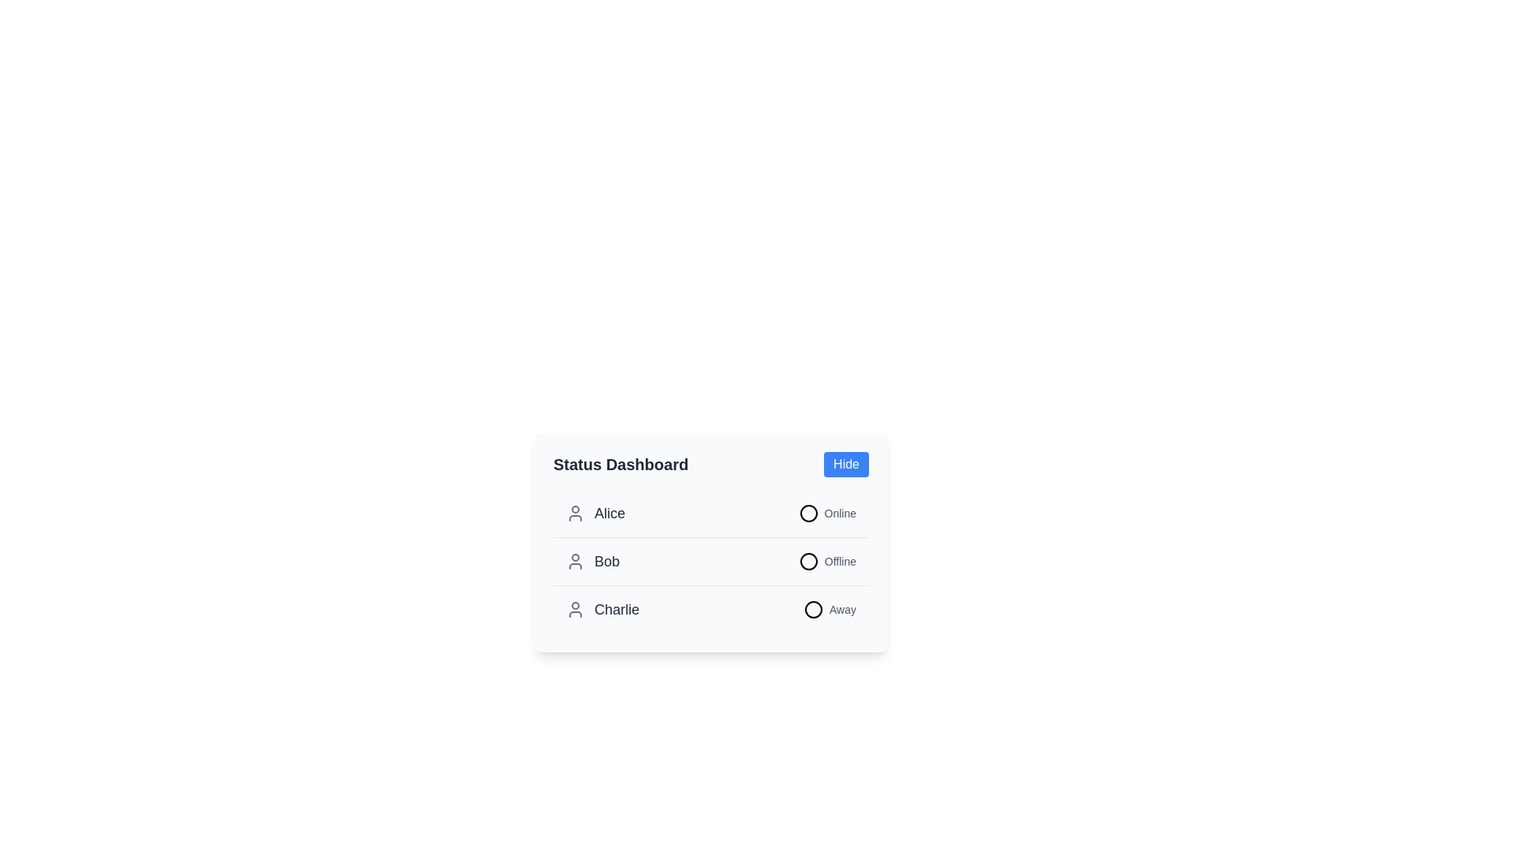 This screenshot has height=852, width=1514. Describe the element at coordinates (814, 608) in the screenshot. I see `the Status indicator icon that indicates an 'Away' state, positioned to the left of the text 'Away'` at that location.